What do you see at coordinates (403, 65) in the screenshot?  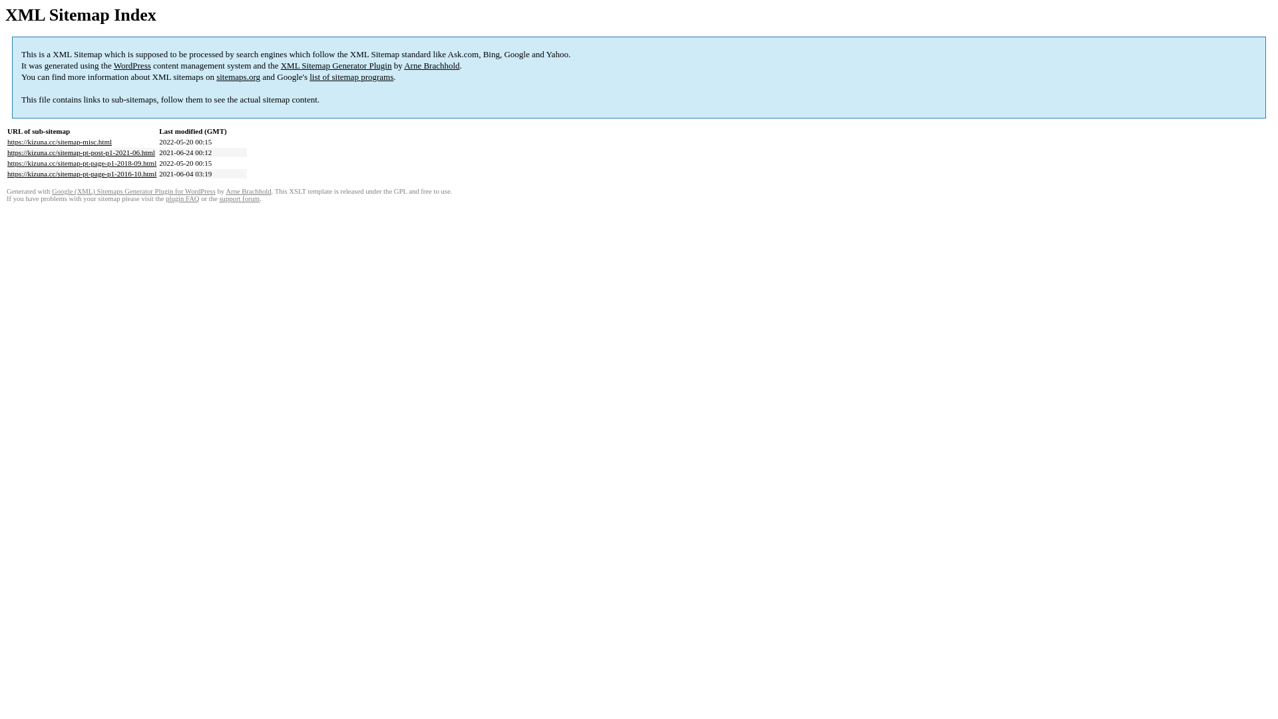 I see `'Arne Brachhold'` at bounding box center [403, 65].